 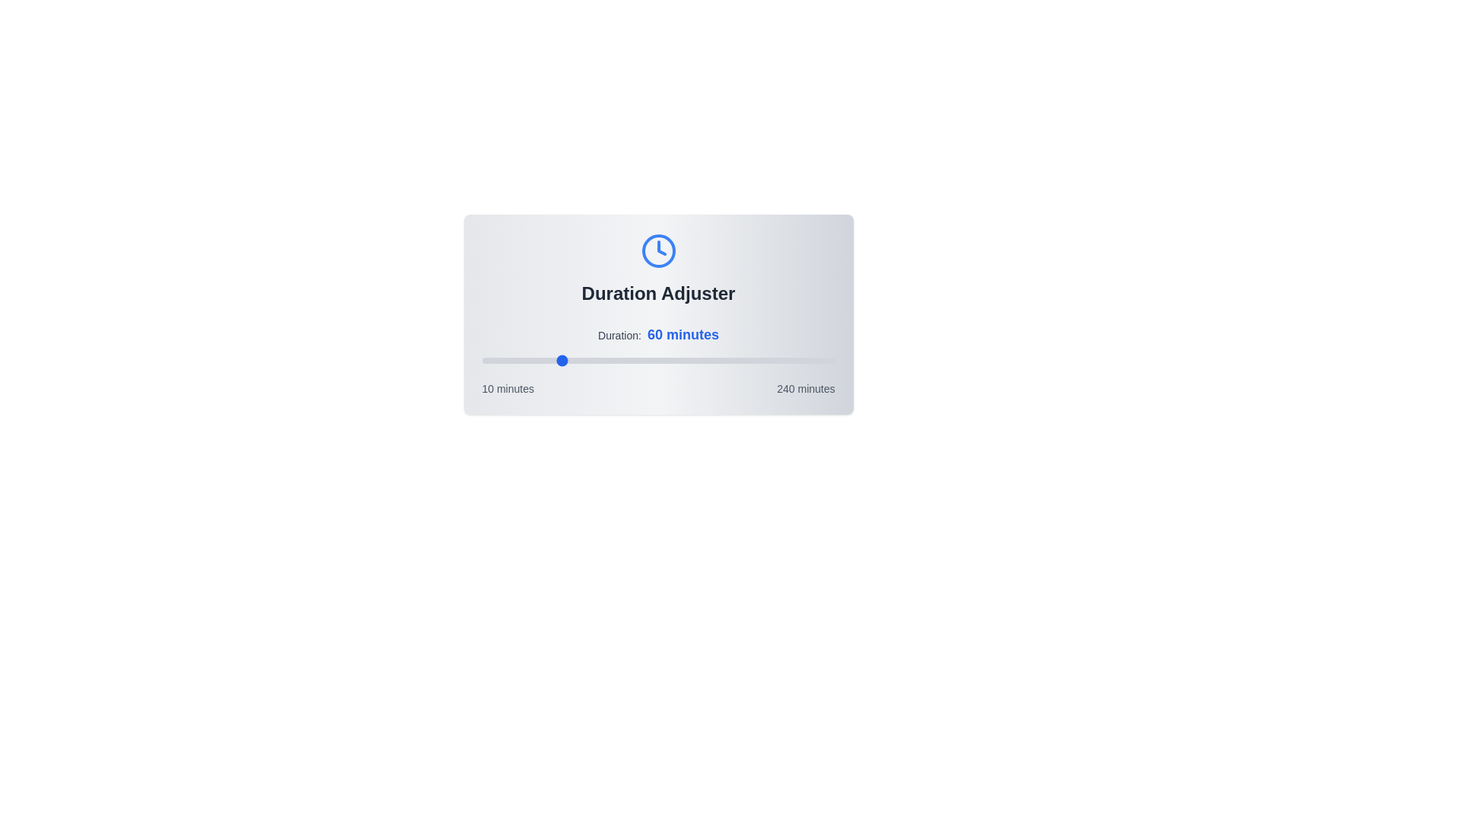 What do you see at coordinates (752, 361) in the screenshot?
I see `the duration slider to 186 minutes` at bounding box center [752, 361].